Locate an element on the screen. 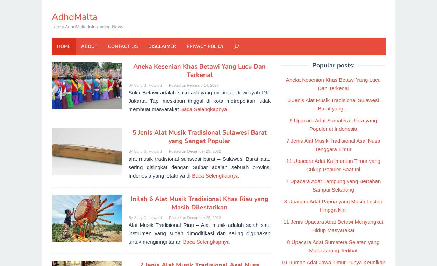 This screenshot has height=266, width=437. '11 Jenis Upacara Adat Betawi Menyangkut Hidup Masyarakat' is located at coordinates (333, 225).